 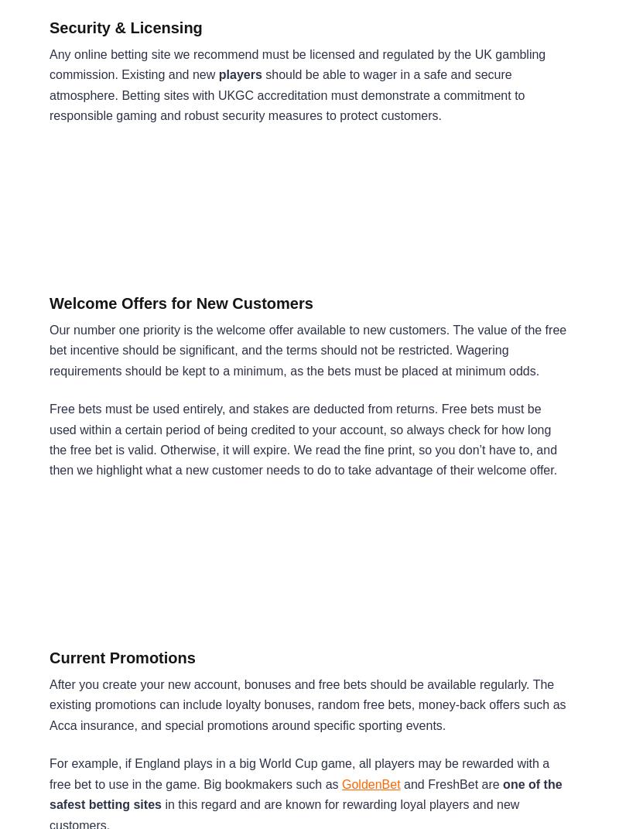 What do you see at coordinates (450, 783) in the screenshot?
I see `'and FreshBet are'` at bounding box center [450, 783].